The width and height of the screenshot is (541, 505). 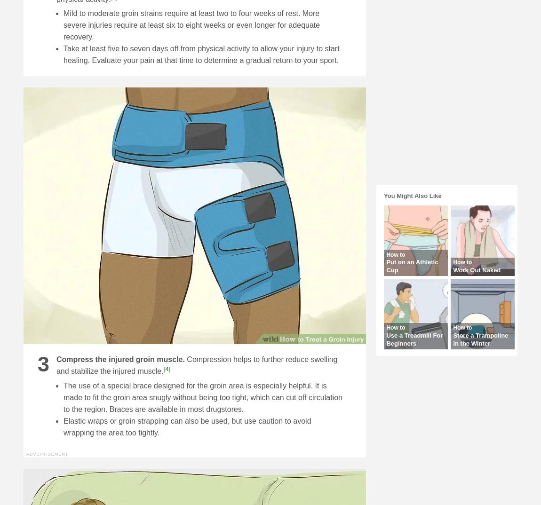 What do you see at coordinates (453, 269) in the screenshot?
I see `'Work Out Naked'` at bounding box center [453, 269].